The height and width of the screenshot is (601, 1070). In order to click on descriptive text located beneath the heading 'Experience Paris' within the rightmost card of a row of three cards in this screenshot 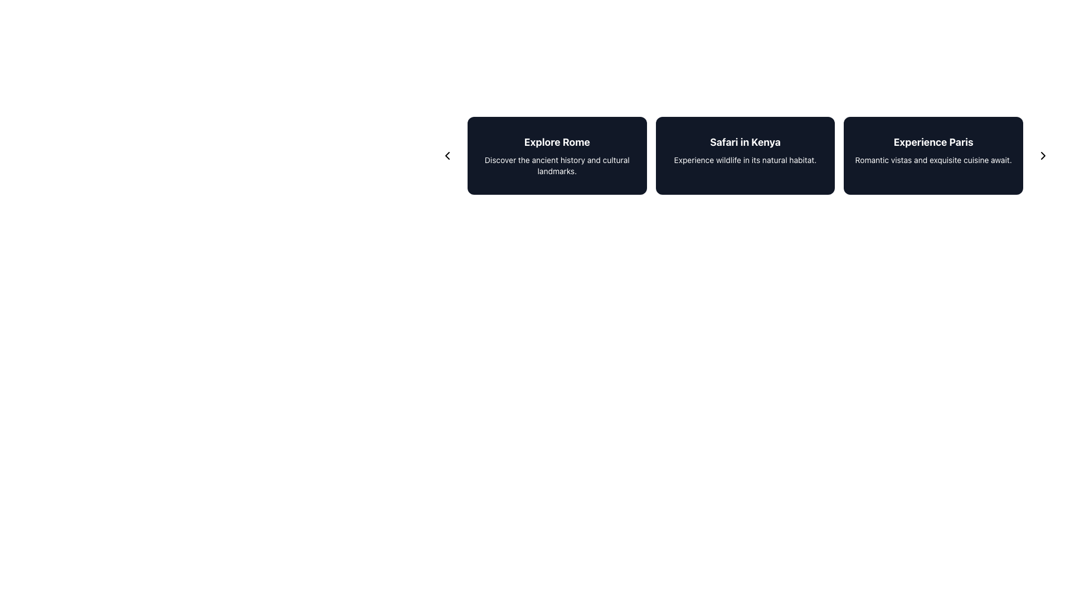, I will do `click(933, 160)`.